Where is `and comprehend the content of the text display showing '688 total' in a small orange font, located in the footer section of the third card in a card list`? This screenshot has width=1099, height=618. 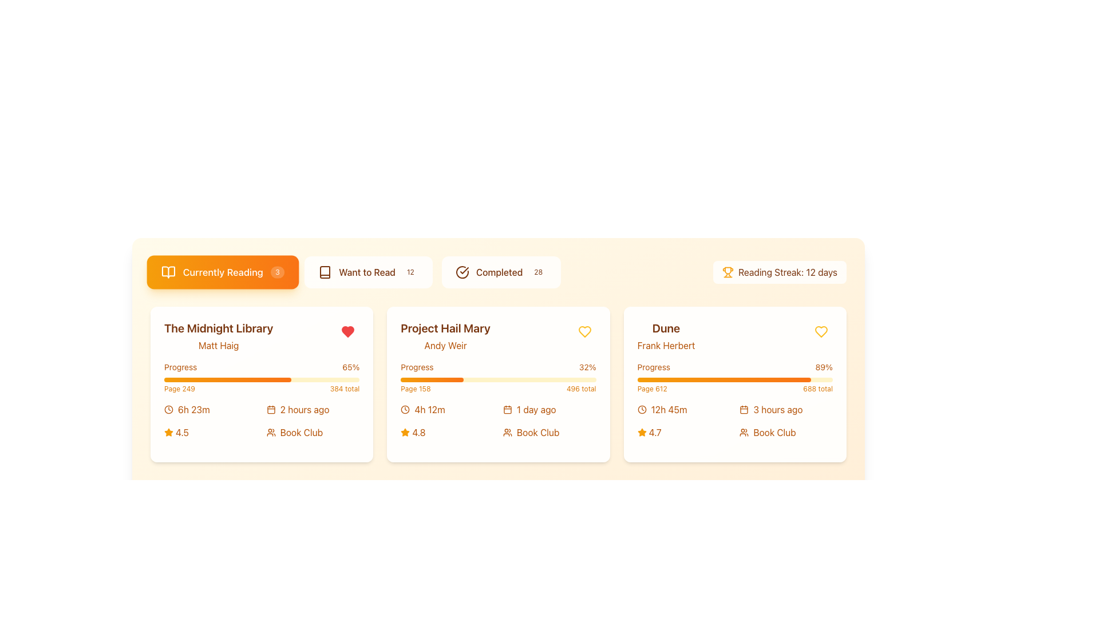
and comprehend the content of the text display showing '688 total' in a small orange font, located in the footer section of the third card in a card list is located at coordinates (817, 388).